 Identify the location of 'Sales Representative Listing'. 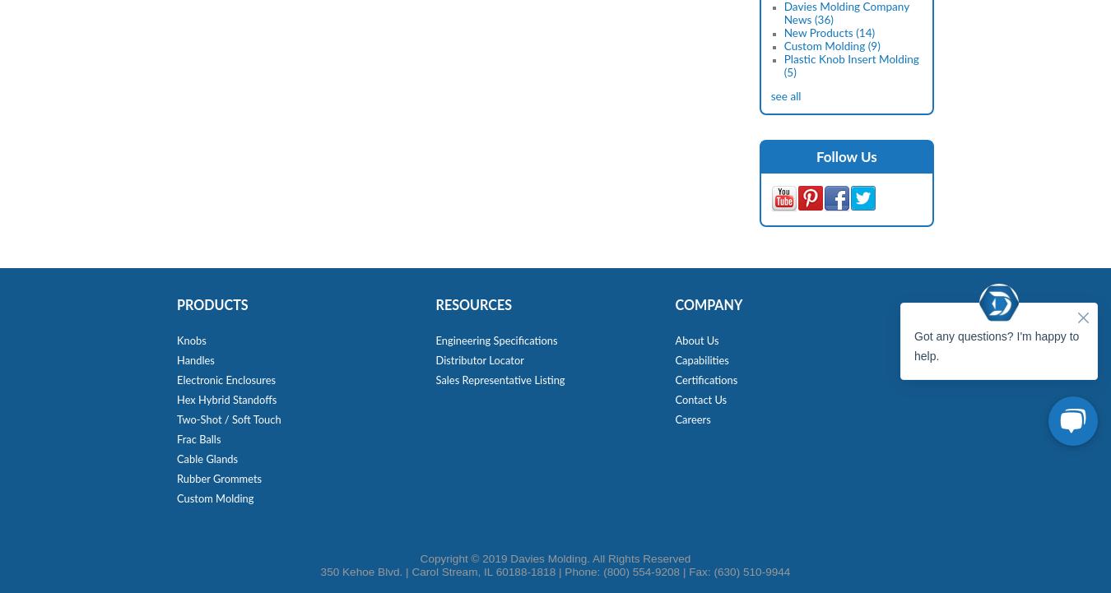
(500, 381).